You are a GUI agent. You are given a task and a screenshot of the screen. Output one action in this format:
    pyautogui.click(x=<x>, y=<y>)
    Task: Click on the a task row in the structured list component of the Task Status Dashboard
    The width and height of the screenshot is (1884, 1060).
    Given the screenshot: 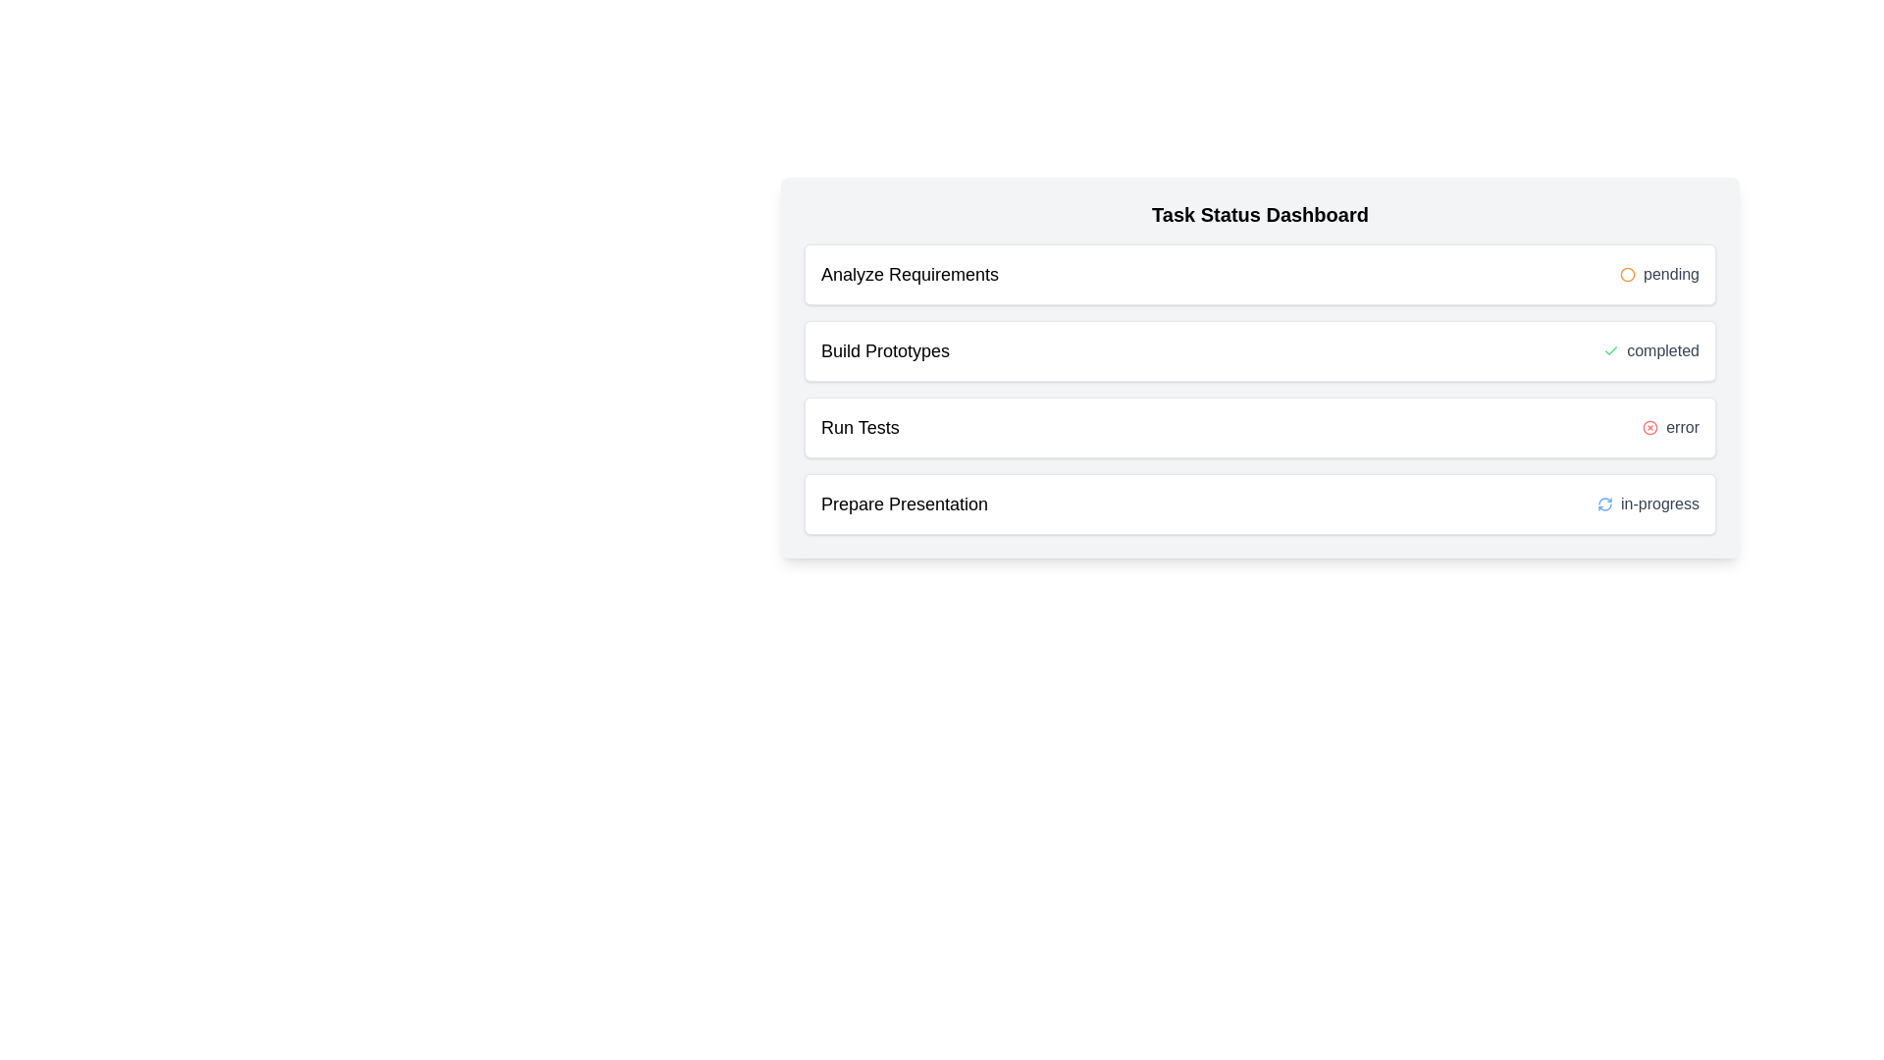 What is the action you would take?
    pyautogui.click(x=1260, y=390)
    